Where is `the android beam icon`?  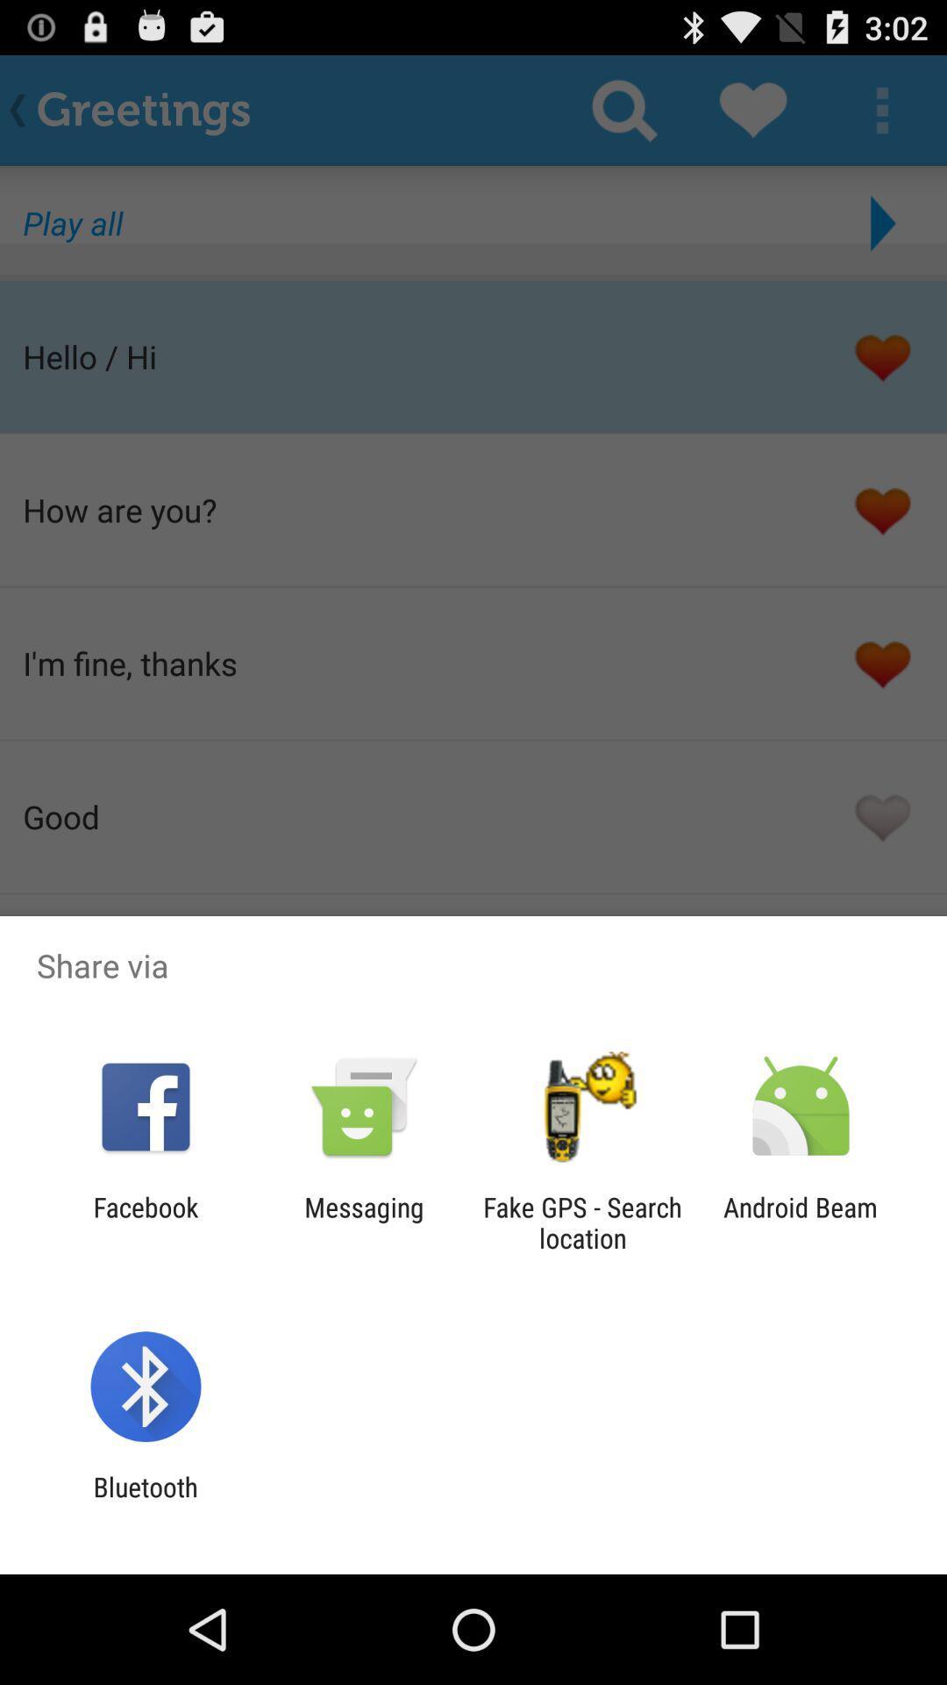 the android beam icon is located at coordinates (801, 1222).